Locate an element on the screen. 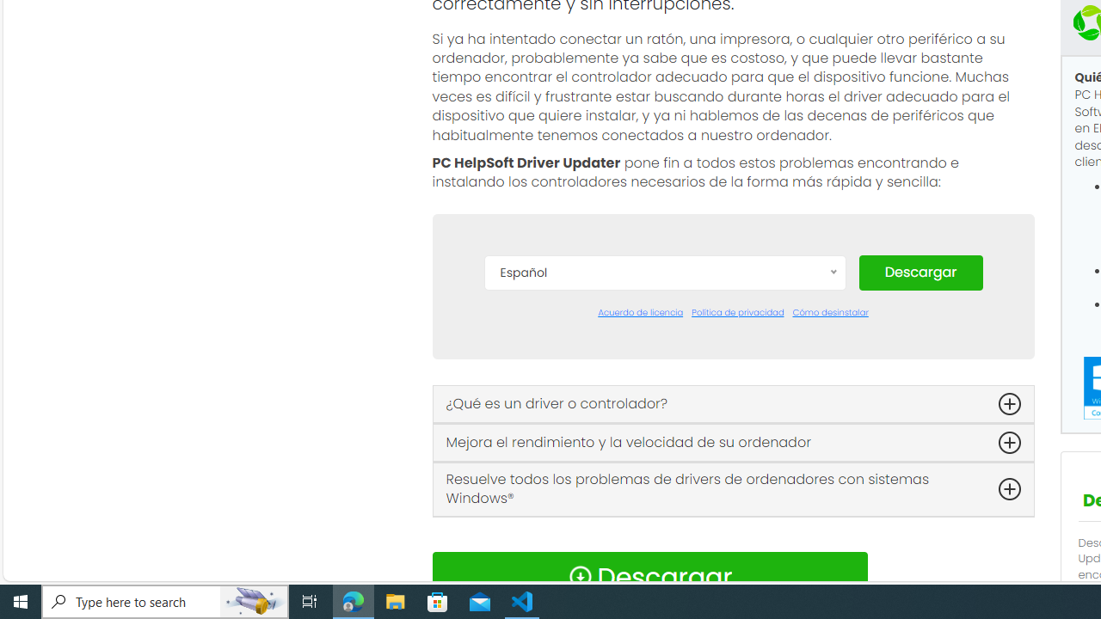 This screenshot has height=619, width=1101. 'Descargar' is located at coordinates (920, 271).